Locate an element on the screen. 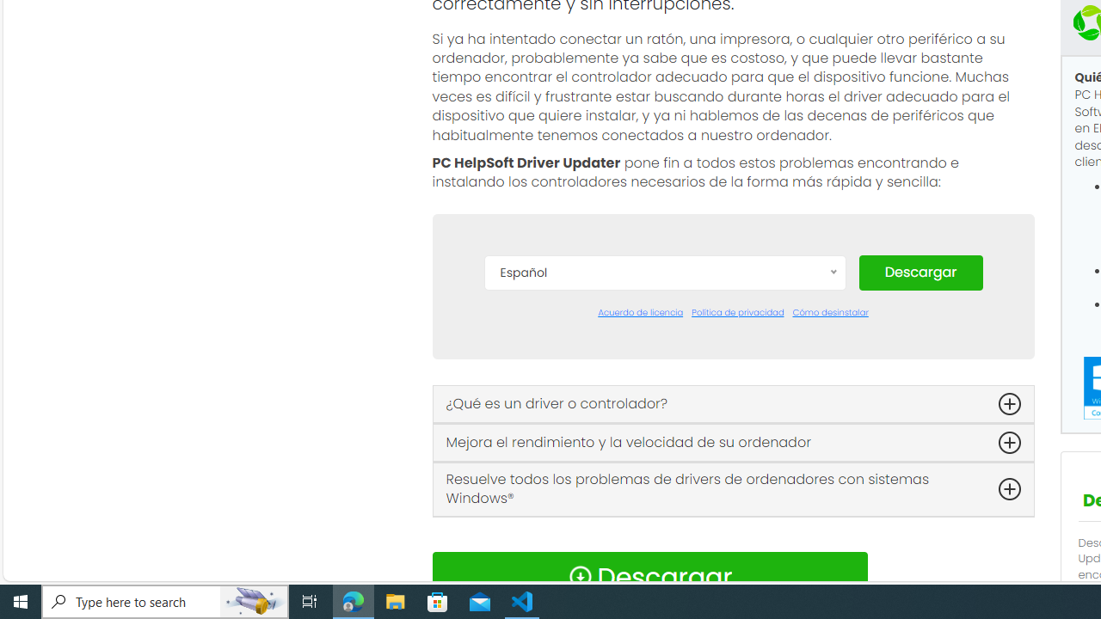 This screenshot has height=619, width=1101. 'Descargar' is located at coordinates (920, 271).